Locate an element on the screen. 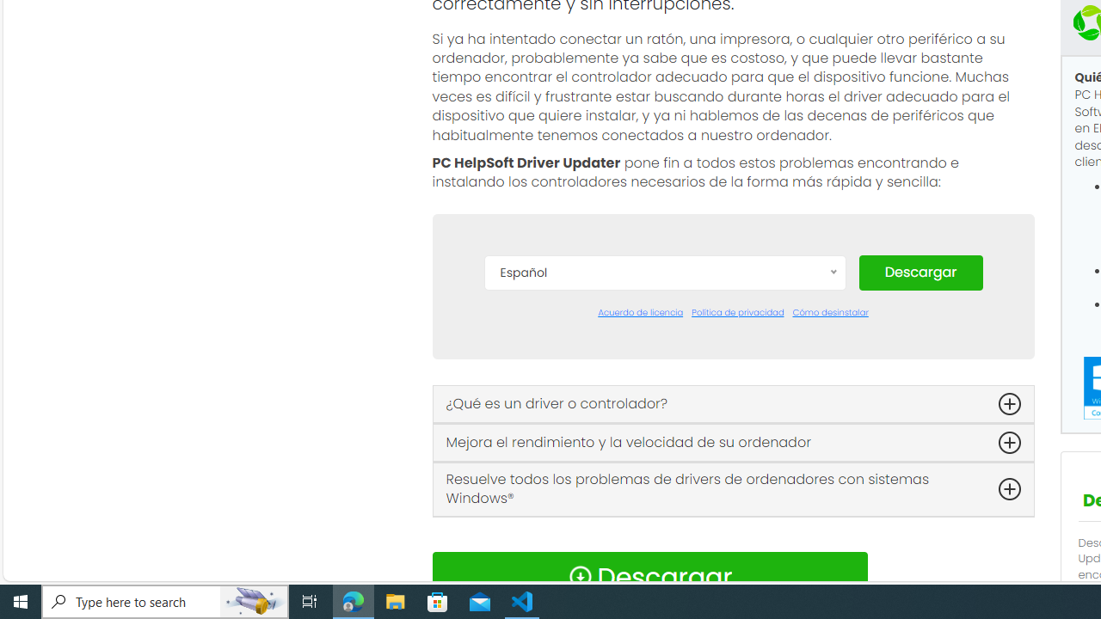 This screenshot has height=619, width=1101. 'Descargar' is located at coordinates (920, 271).